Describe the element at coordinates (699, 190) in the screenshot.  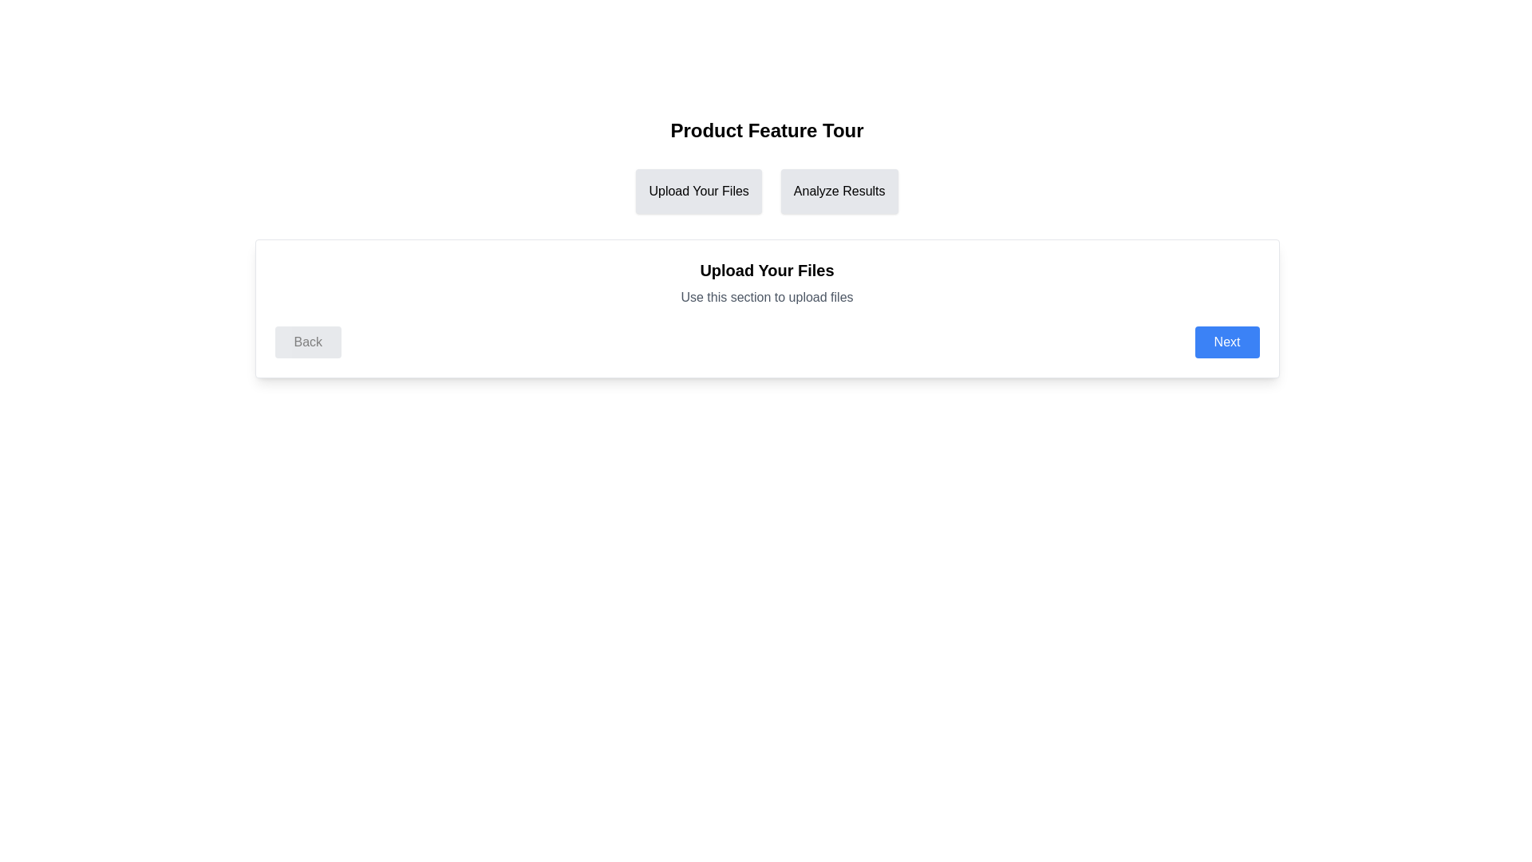
I see `the button labeled 'Upload Your Files' which is a rectangular component with a light gray background and rounded corners, located below the 'Product Feature Tour' heading` at that location.